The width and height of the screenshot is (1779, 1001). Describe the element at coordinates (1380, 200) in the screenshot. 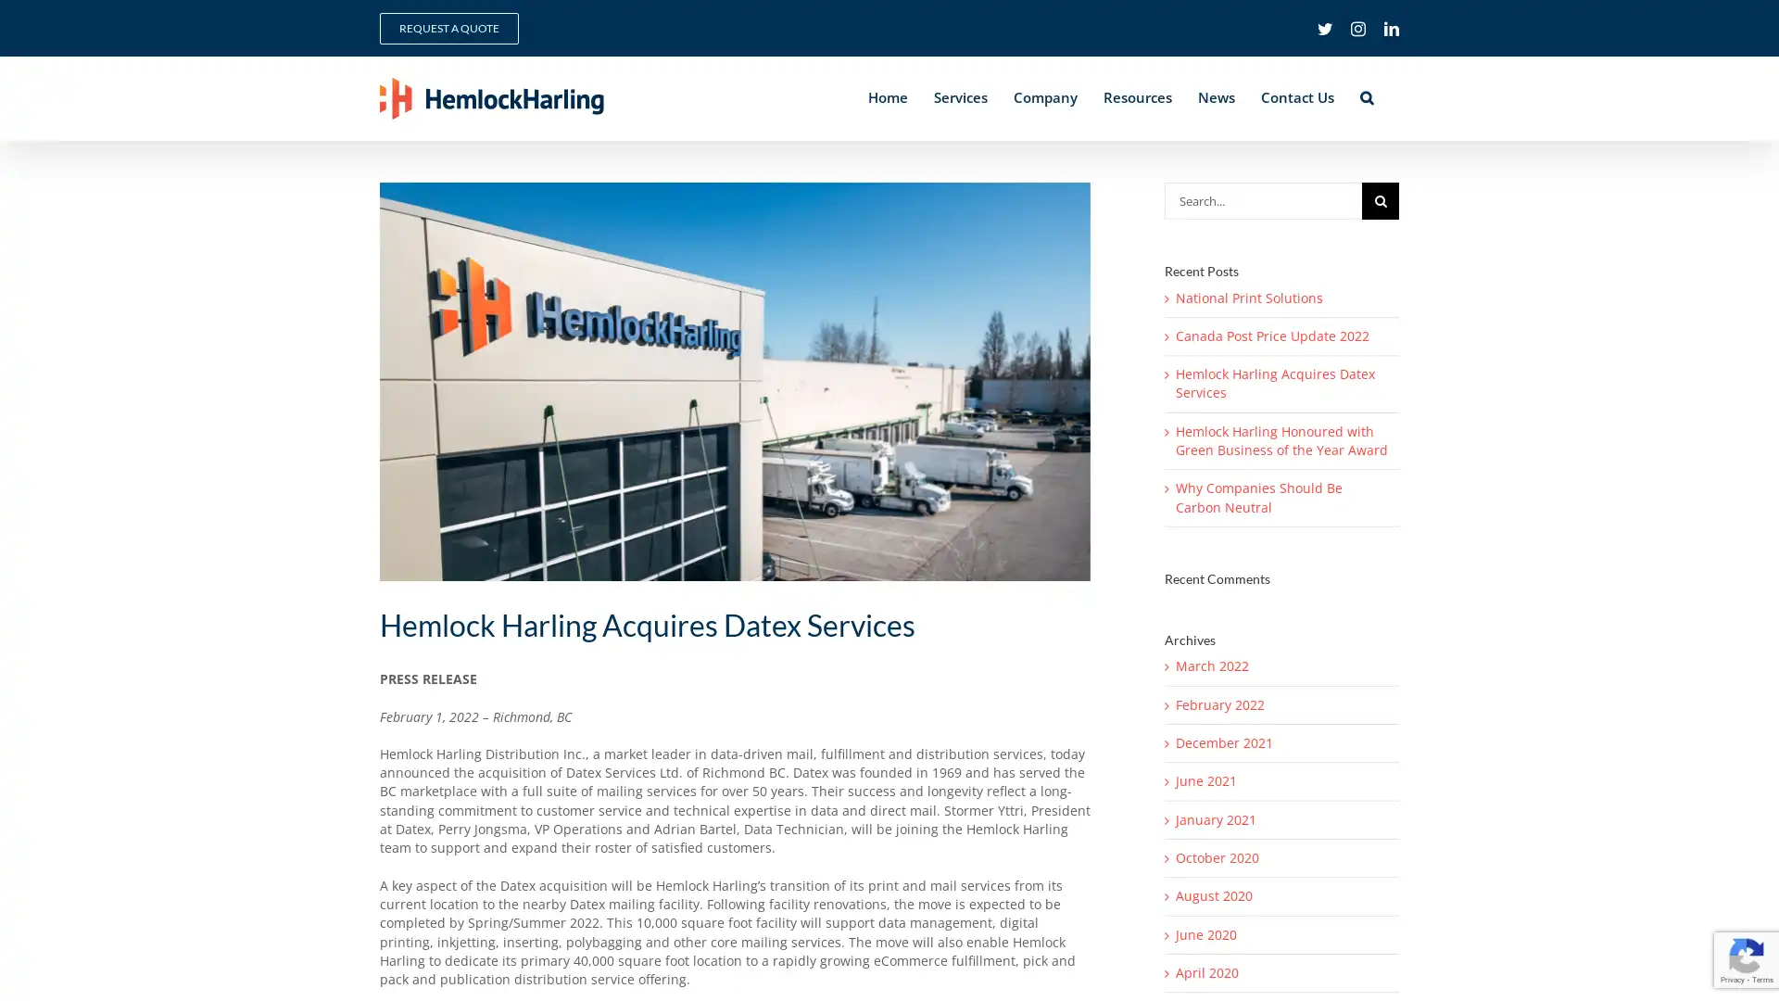

I see `Search` at that location.